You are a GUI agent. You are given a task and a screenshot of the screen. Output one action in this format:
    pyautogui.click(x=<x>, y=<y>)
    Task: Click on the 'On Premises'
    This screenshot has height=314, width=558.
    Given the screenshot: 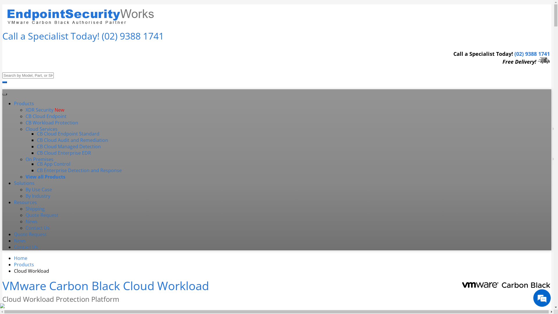 What is the action you would take?
    pyautogui.click(x=39, y=159)
    